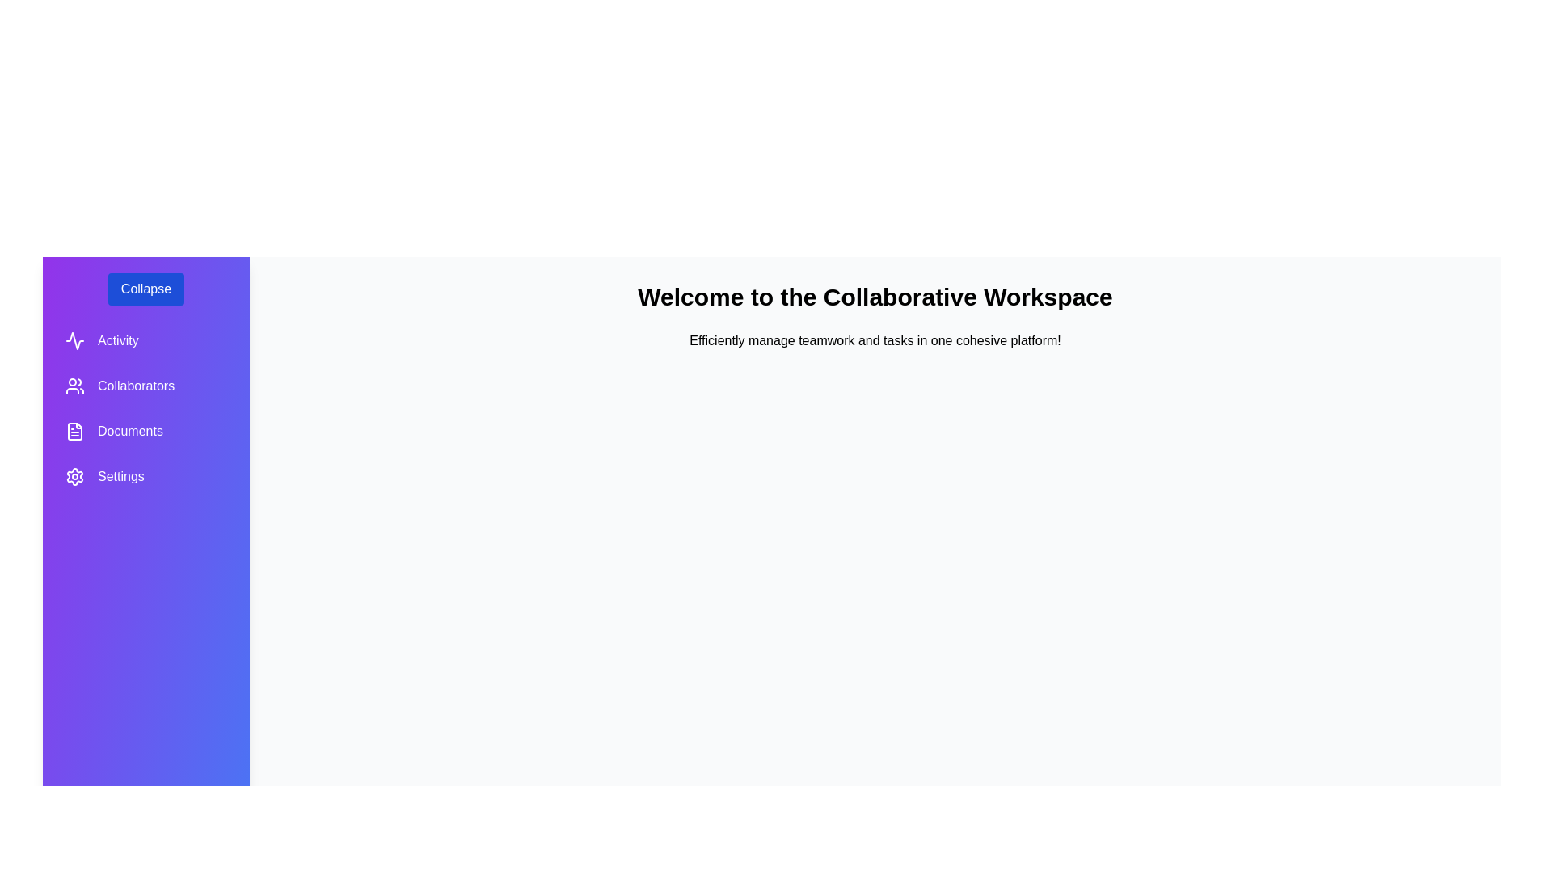 The width and height of the screenshot is (1552, 873). What do you see at coordinates (146, 339) in the screenshot?
I see `the non-interactive element labeled Activity` at bounding box center [146, 339].